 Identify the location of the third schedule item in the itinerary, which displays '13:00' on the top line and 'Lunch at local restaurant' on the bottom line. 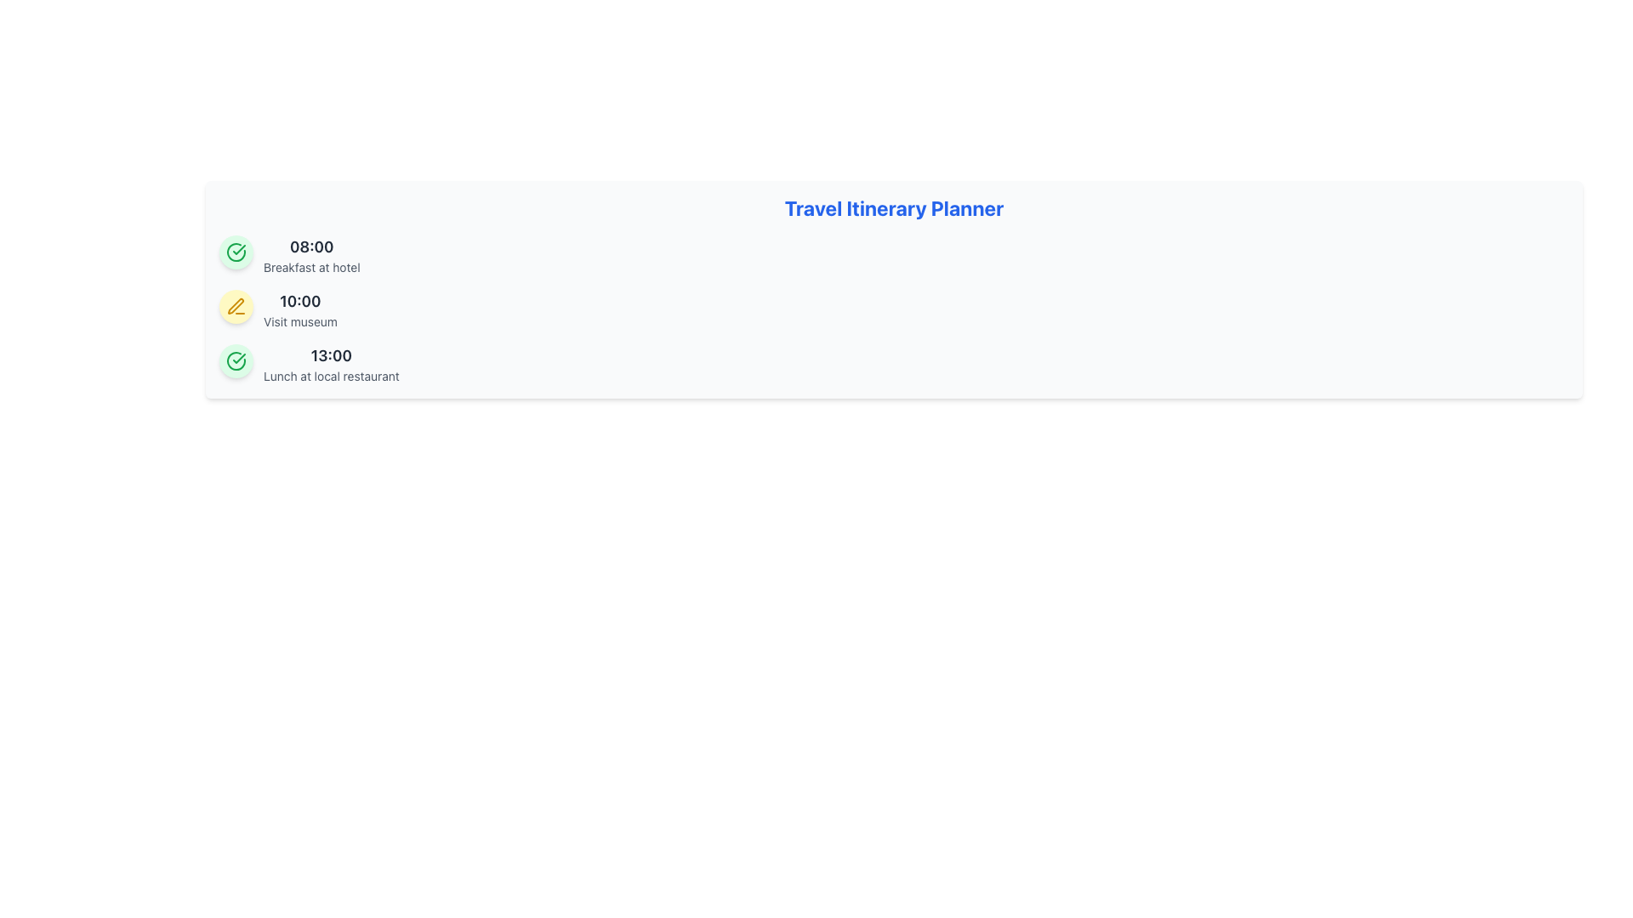
(331, 363).